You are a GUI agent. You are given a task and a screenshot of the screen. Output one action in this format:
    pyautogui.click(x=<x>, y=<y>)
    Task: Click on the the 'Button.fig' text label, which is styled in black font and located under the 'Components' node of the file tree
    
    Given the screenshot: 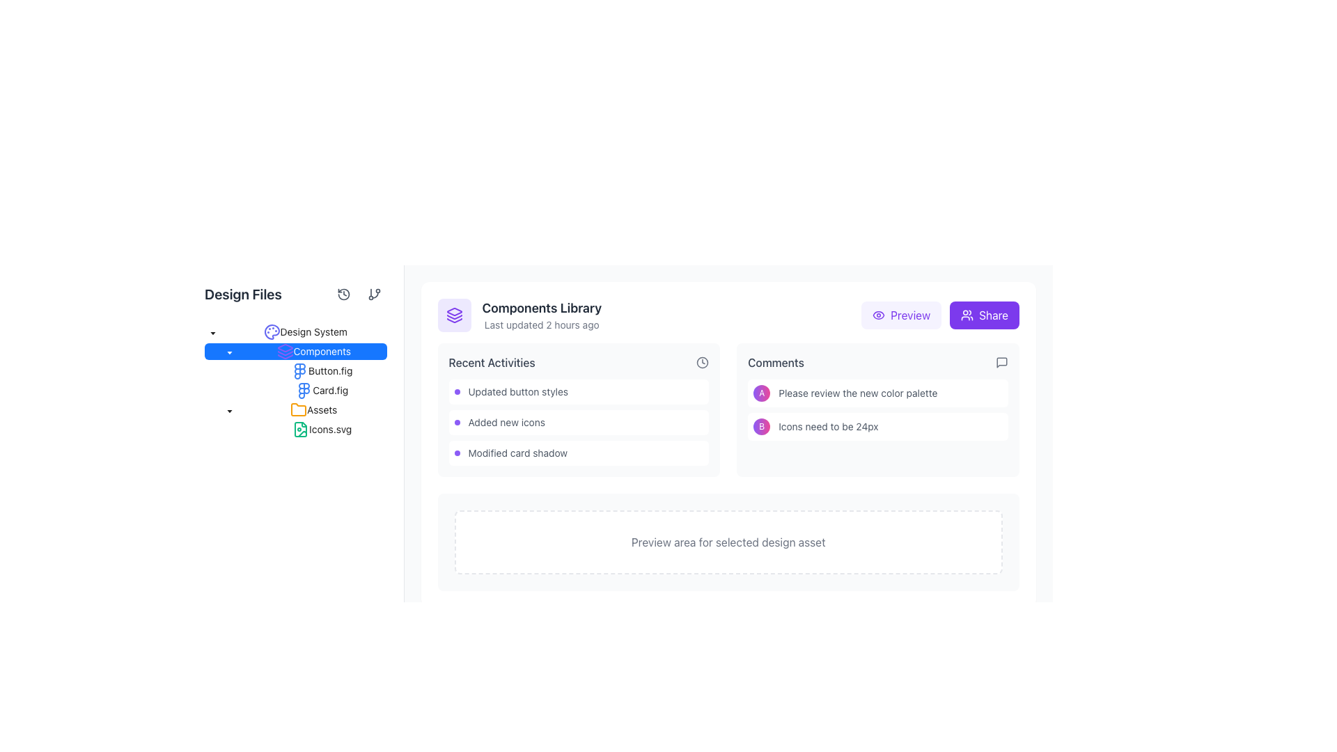 What is the action you would take?
    pyautogui.click(x=295, y=370)
    